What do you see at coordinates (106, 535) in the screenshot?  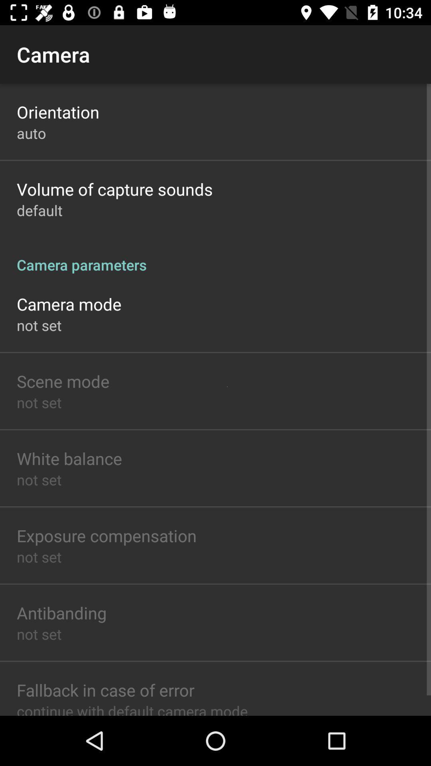 I see `icon above not set` at bounding box center [106, 535].